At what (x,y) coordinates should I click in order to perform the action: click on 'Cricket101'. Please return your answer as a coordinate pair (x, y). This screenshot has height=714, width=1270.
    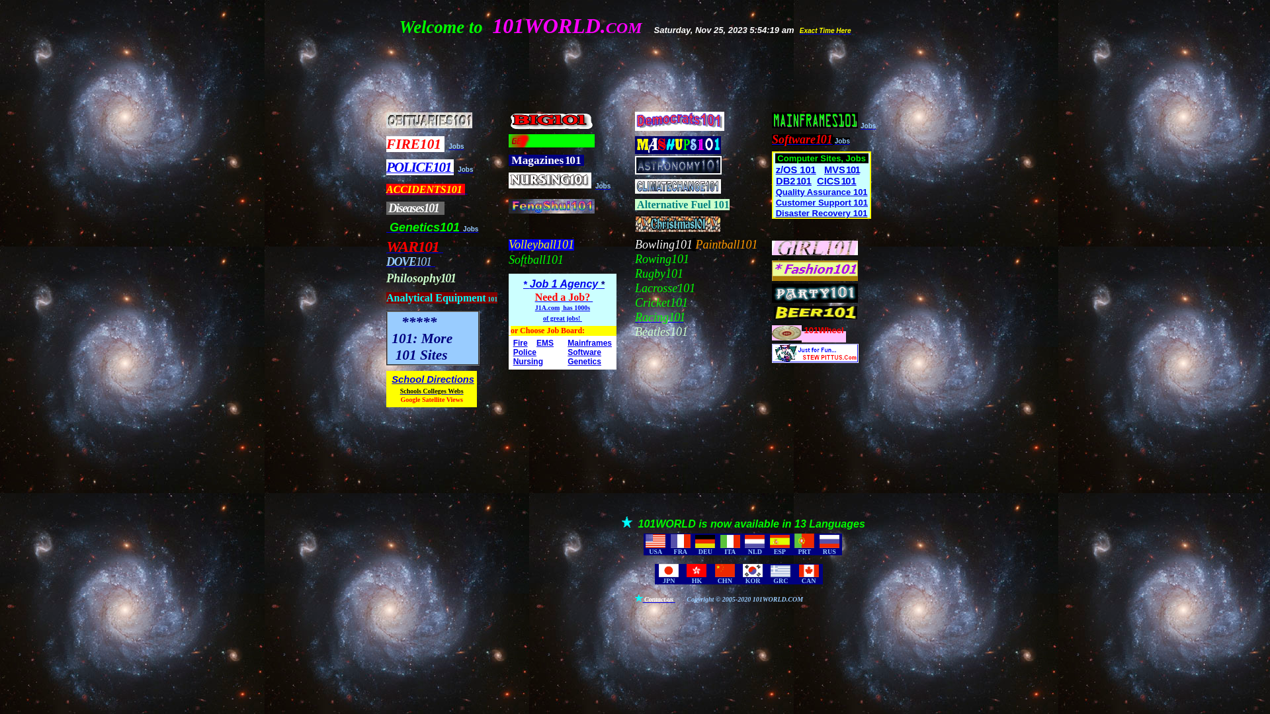
    Looking at the image, I should click on (661, 303).